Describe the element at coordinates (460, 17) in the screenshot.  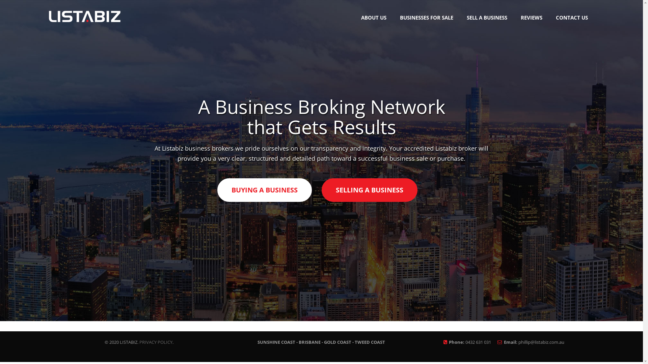
I see `'SELL A BUSINESS'` at that location.